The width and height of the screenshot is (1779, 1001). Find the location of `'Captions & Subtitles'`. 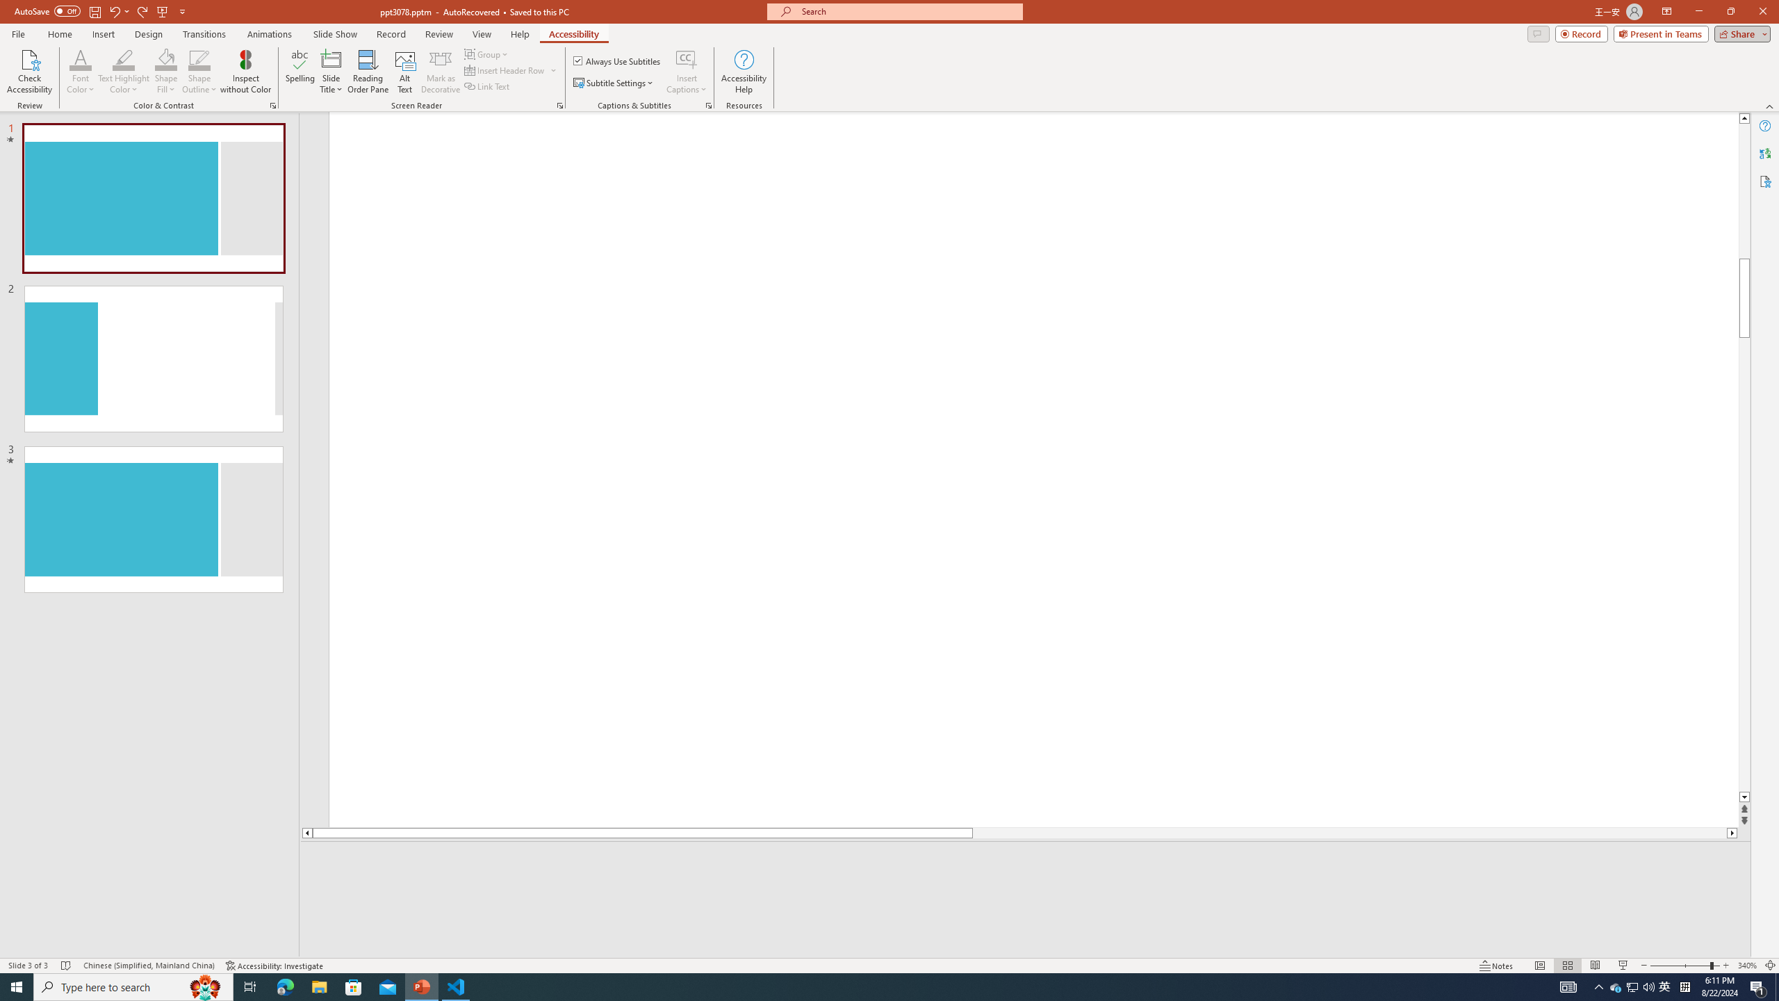

'Captions & Subtitles' is located at coordinates (708, 104).